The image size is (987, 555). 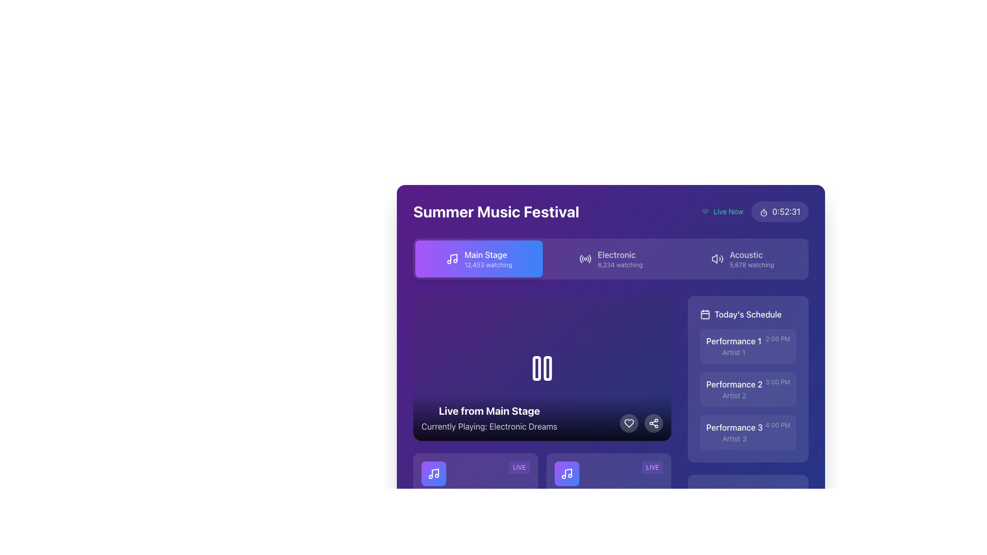 I want to click on the text content of the 'Main Stage' text block, which includes 'Main Stage' in bold and '12,453 watching' in a semi-transparent style, located on the far left side of the group under 'Summer Music Festival', so click(x=488, y=258).